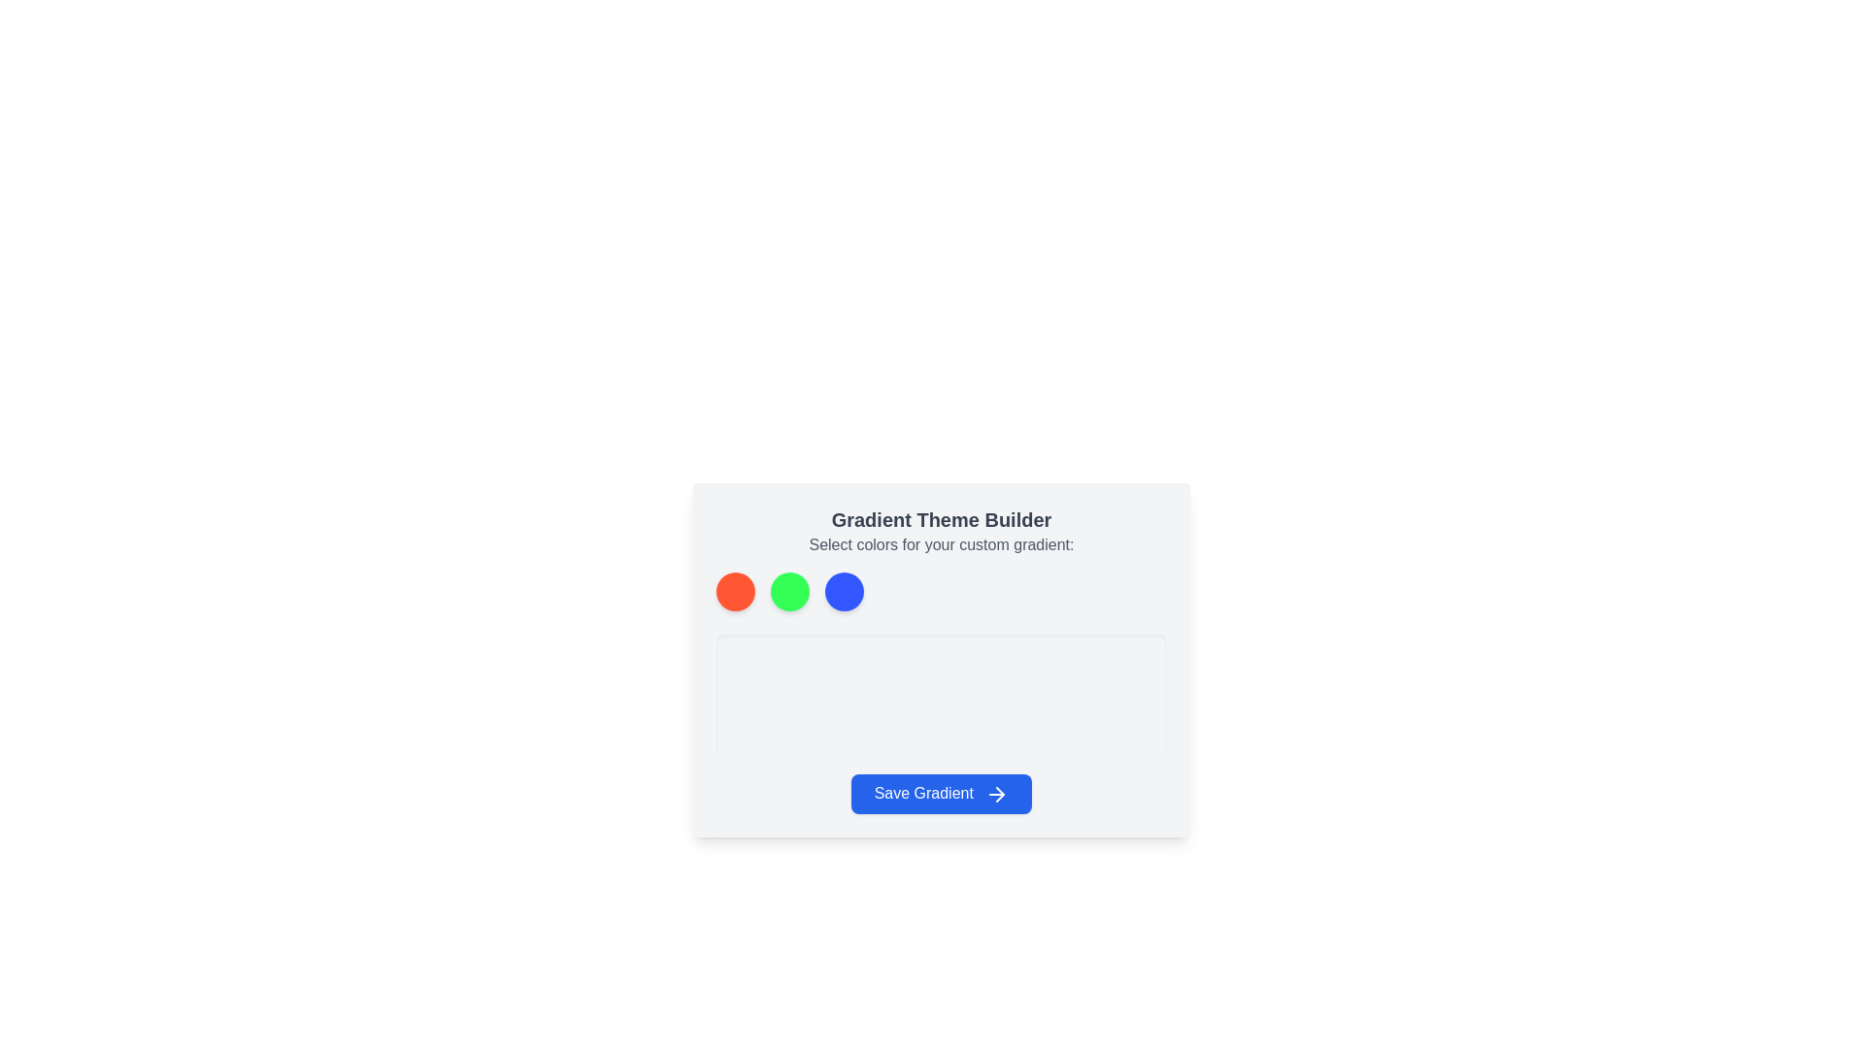 This screenshot has height=1048, width=1864. Describe the element at coordinates (1000, 794) in the screenshot. I see `the rightward arrow symbol within the 'Save Gradient' button, which has a bold stroke and sharp edges, located towards the right end of the text label area` at that location.